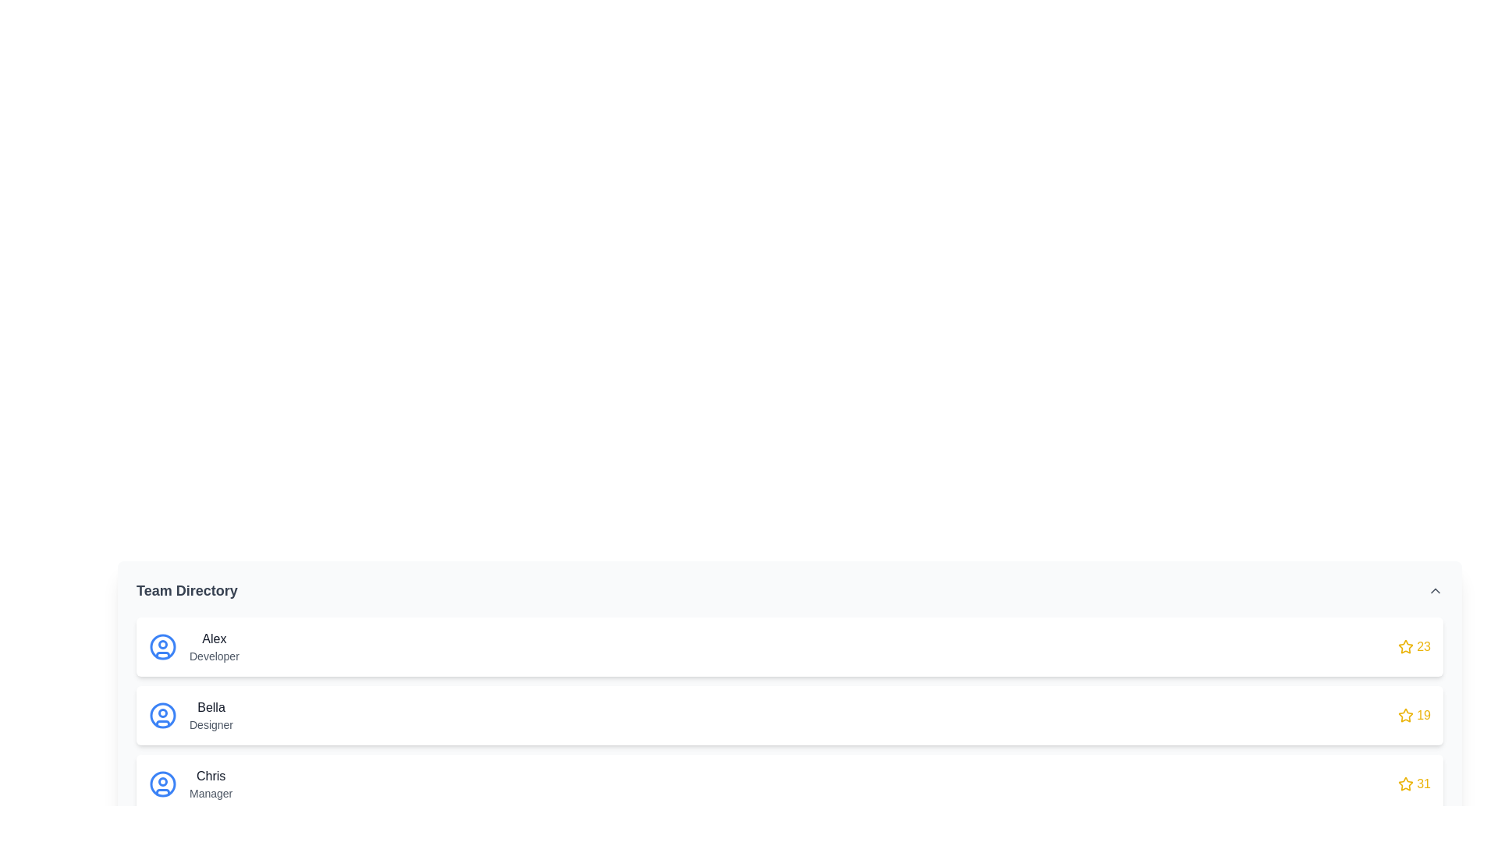  I want to click on static text label that indicates the role 'Developer' located directly beneath the name 'Alex' in the Team Directory section, so click(213, 656).